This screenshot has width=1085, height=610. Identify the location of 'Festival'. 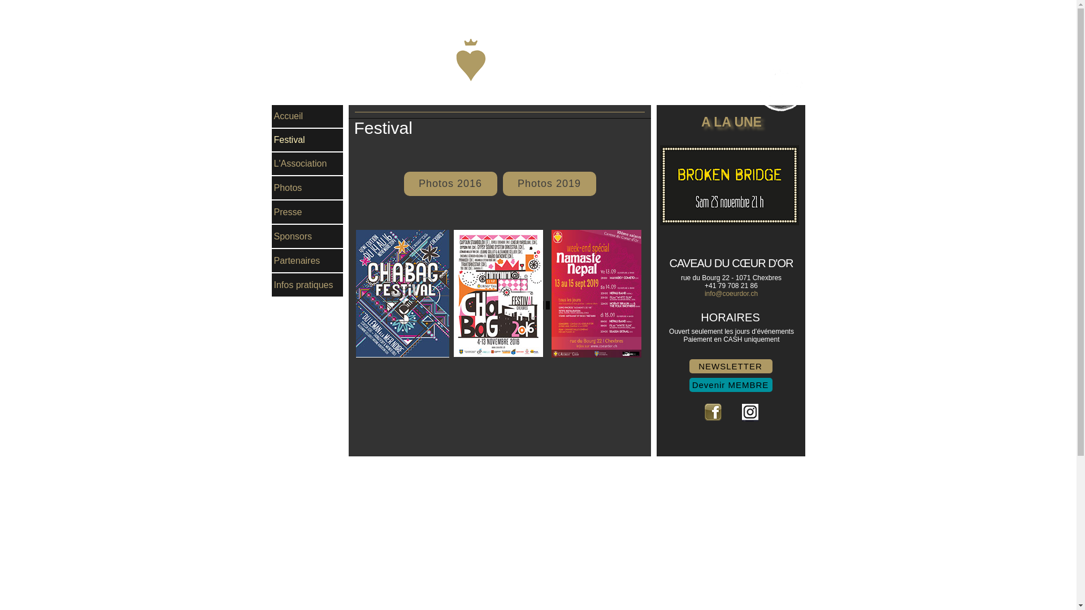
(306, 139).